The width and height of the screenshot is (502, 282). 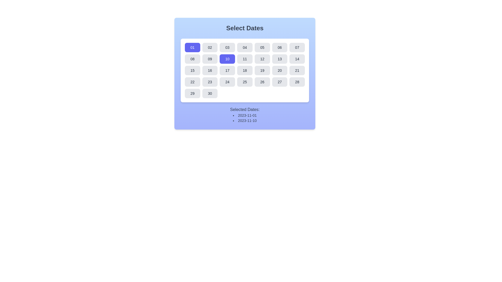 I want to click on the button labeled '20' in the calendar interface, so click(x=279, y=70).